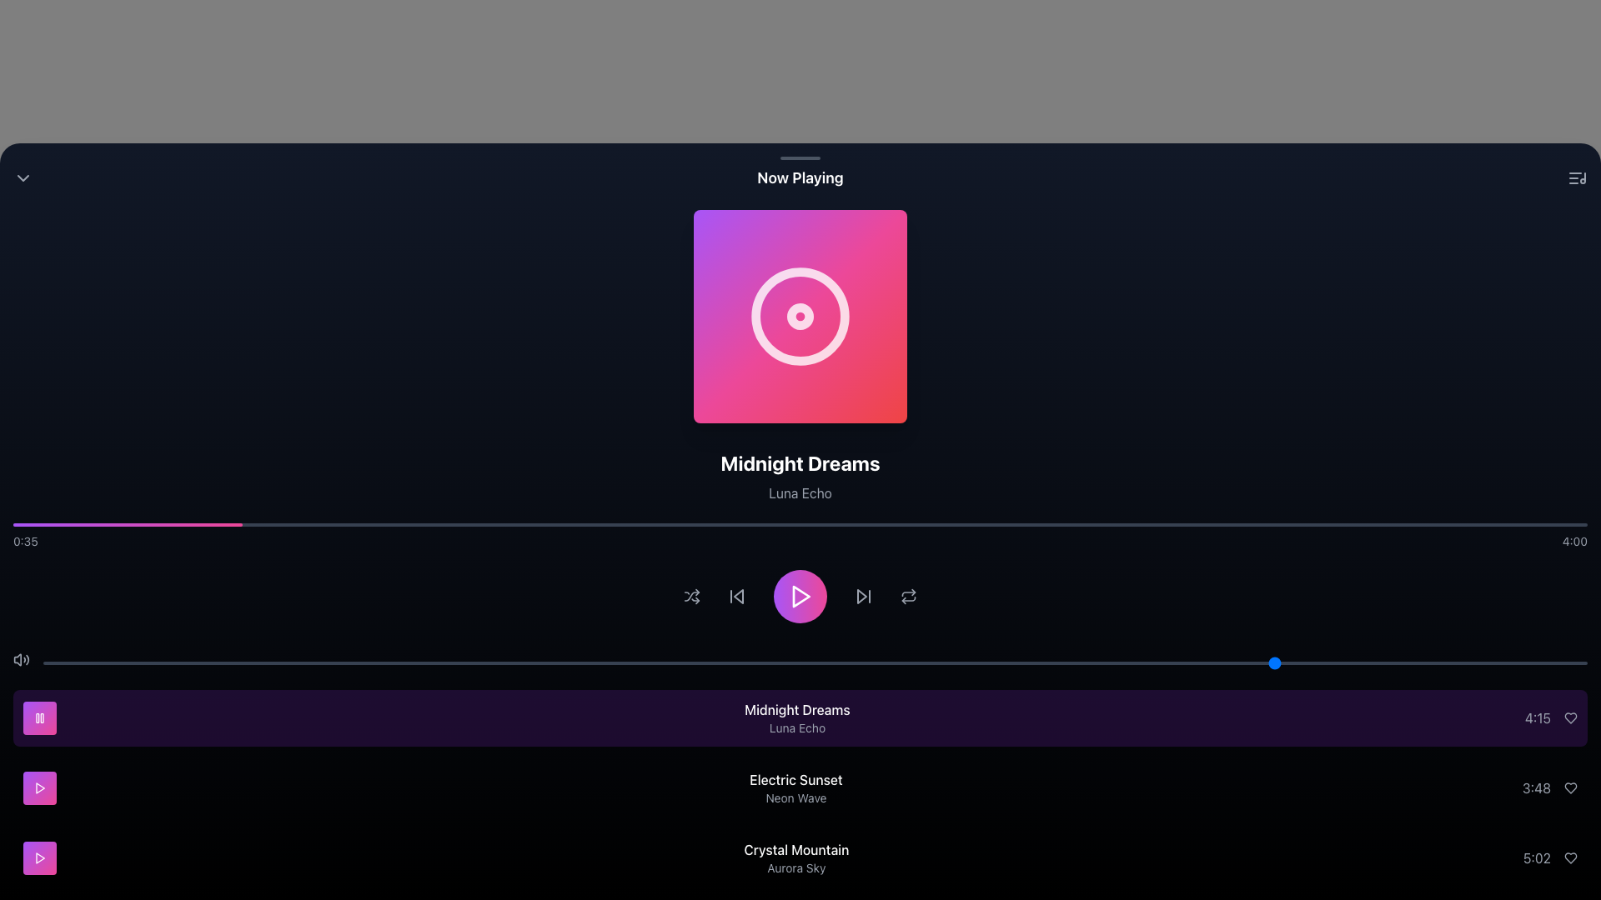 This screenshot has height=900, width=1601. What do you see at coordinates (800, 537) in the screenshot?
I see `the progress marker of the ProgressBar element, which is centrally positioned below the song title` at bounding box center [800, 537].